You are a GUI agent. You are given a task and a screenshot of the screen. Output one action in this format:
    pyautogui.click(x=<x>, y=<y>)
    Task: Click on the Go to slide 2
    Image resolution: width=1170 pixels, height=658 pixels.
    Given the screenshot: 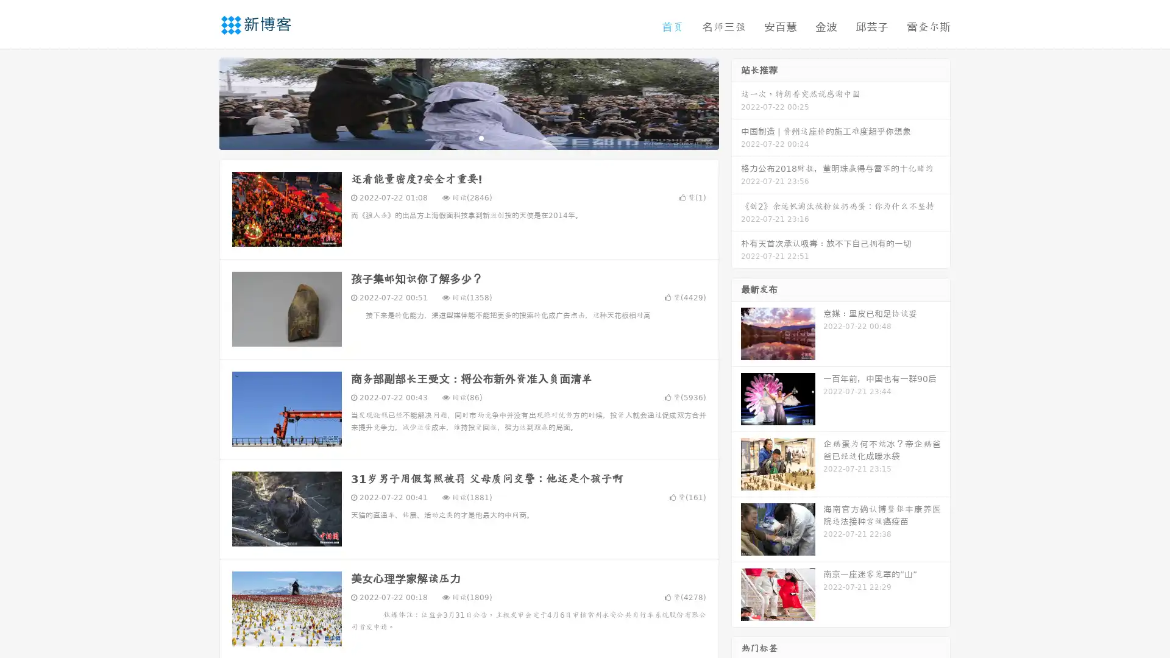 What is the action you would take?
    pyautogui.click(x=468, y=137)
    